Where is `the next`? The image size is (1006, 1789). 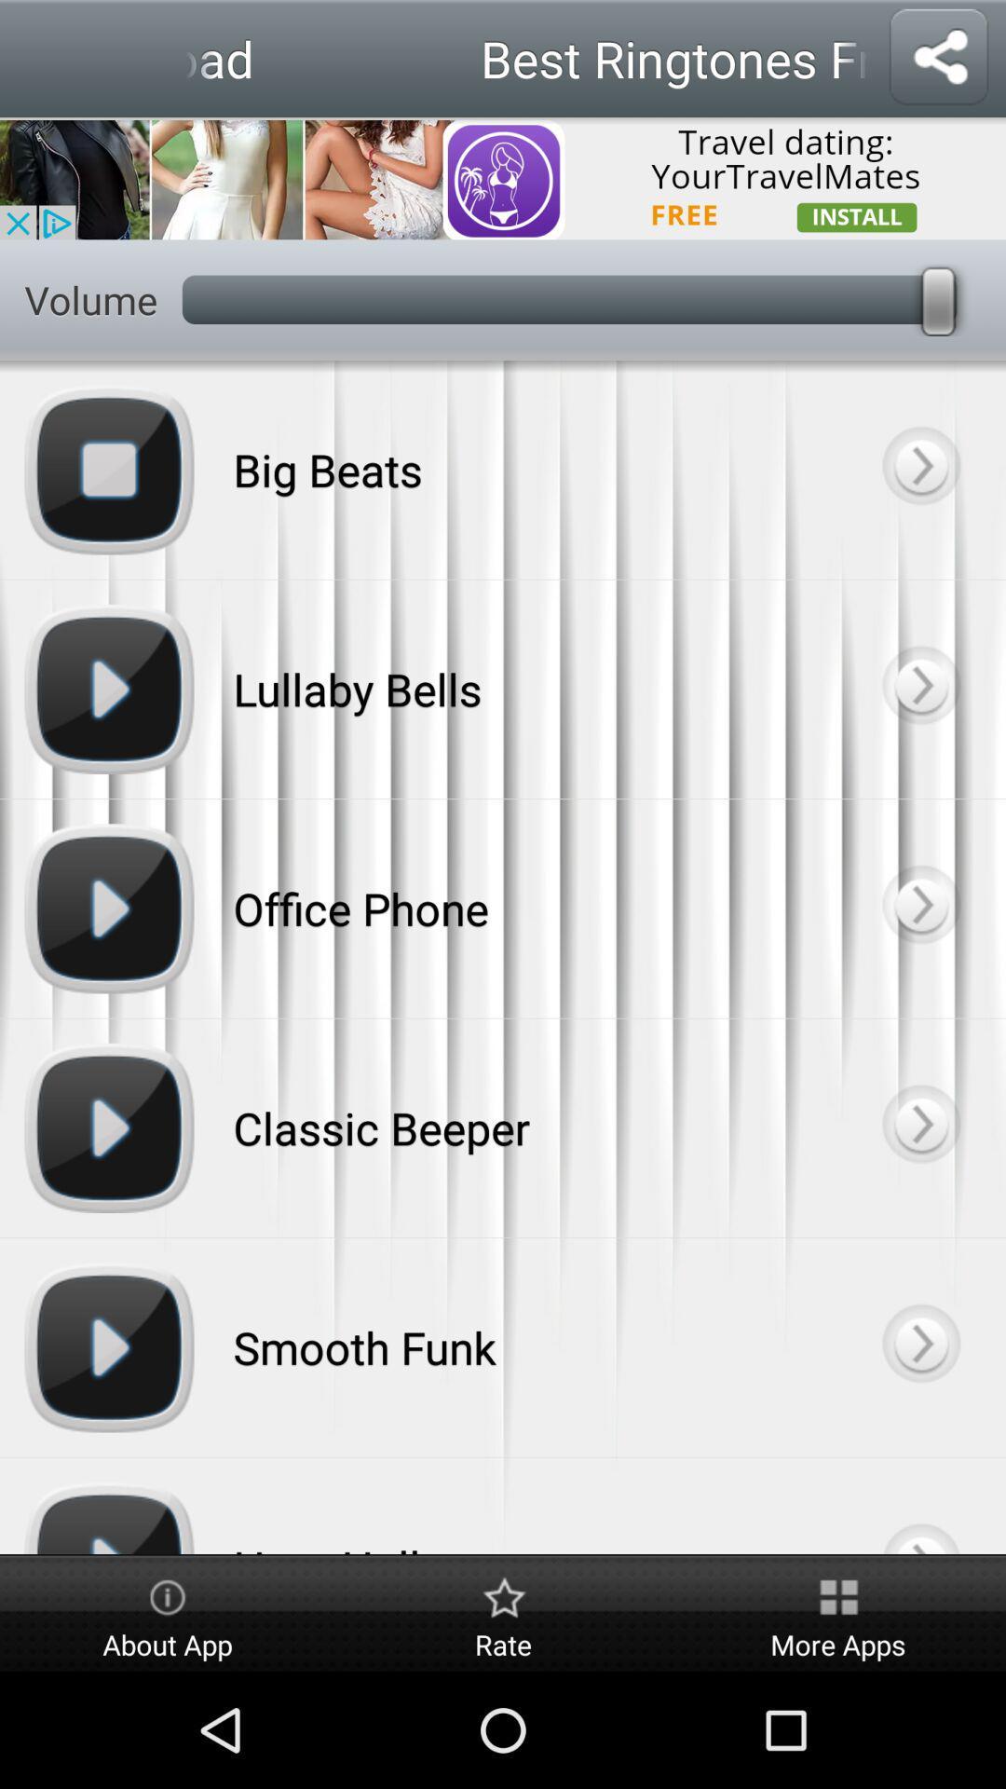
the next is located at coordinates (919, 470).